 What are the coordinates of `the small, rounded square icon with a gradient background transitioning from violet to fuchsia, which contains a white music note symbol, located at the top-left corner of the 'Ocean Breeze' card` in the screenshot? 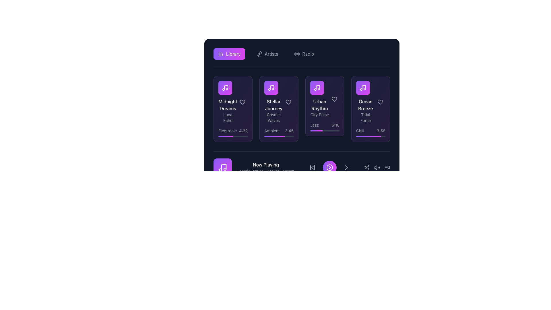 It's located at (363, 88).